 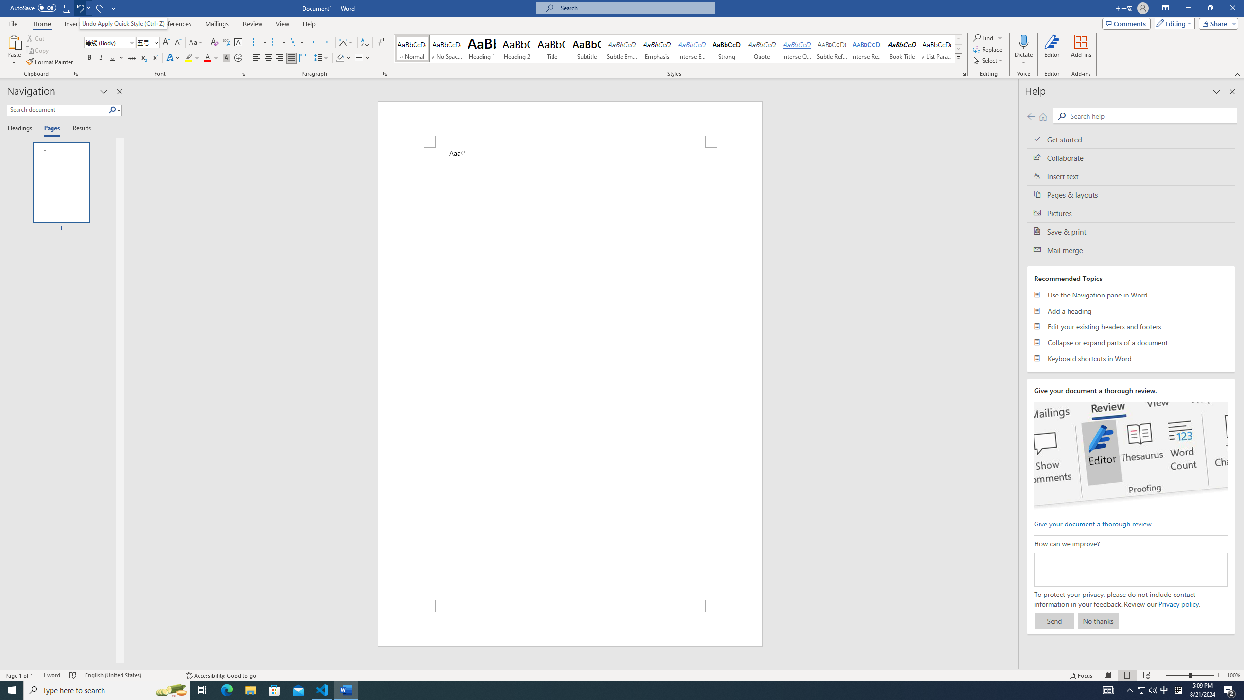 What do you see at coordinates (1092, 523) in the screenshot?
I see `'Give your document a thorough review'` at bounding box center [1092, 523].